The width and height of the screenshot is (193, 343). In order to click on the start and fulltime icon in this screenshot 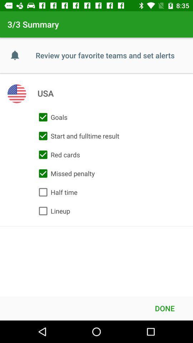, I will do `click(77, 135)`.